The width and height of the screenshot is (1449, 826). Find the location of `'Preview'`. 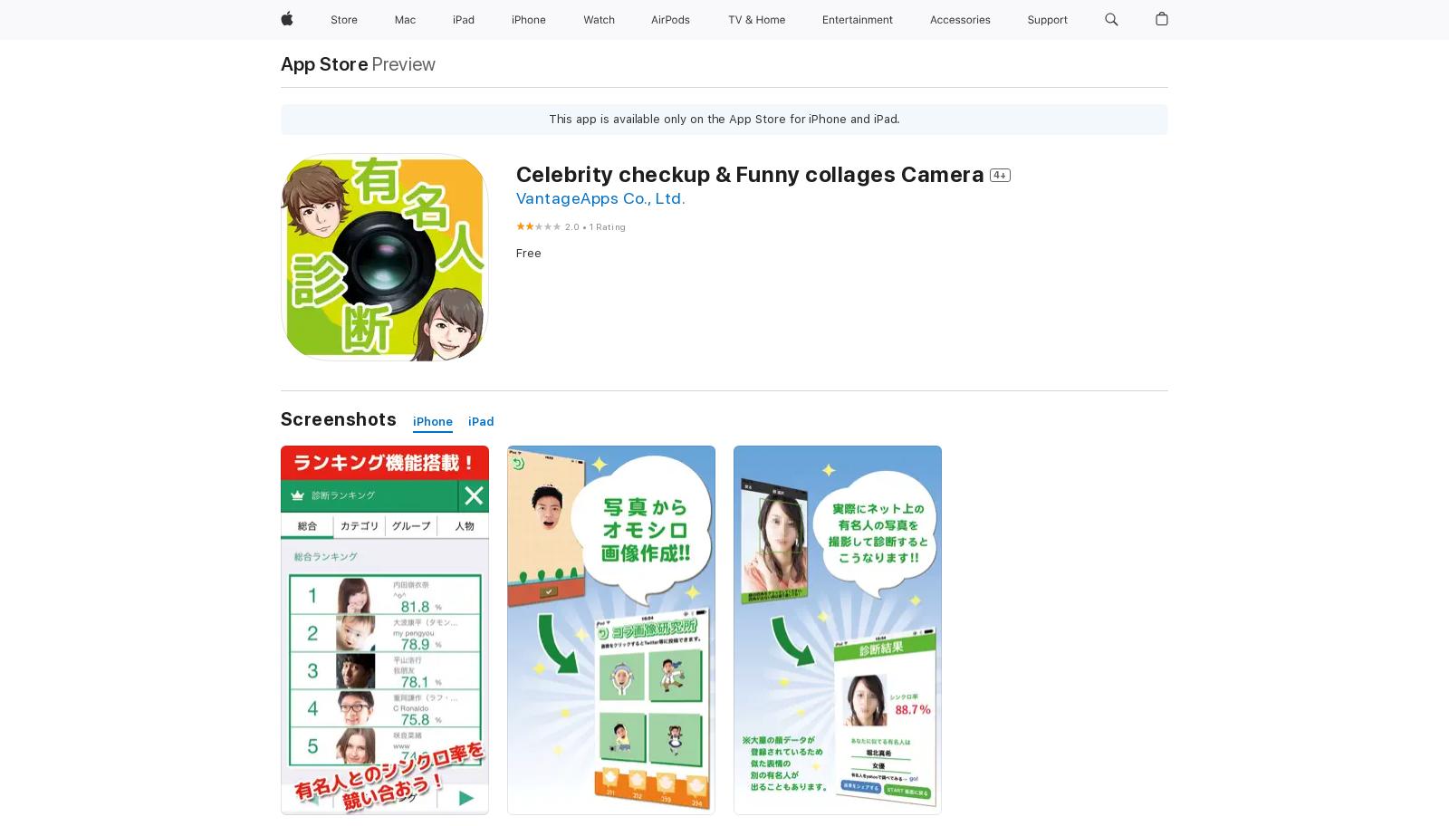

'Preview' is located at coordinates (402, 62).